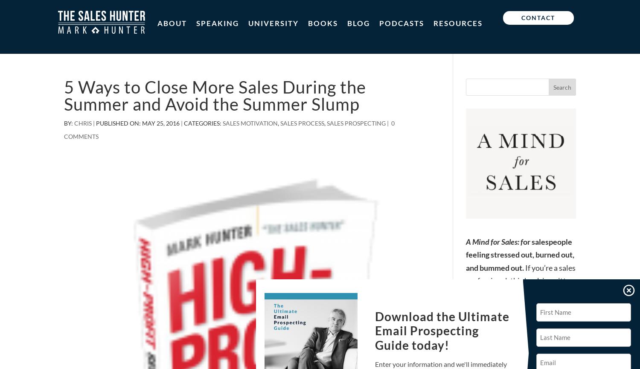 This screenshot has width=640, height=369. What do you see at coordinates (302, 123) in the screenshot?
I see `'Sales Process'` at bounding box center [302, 123].